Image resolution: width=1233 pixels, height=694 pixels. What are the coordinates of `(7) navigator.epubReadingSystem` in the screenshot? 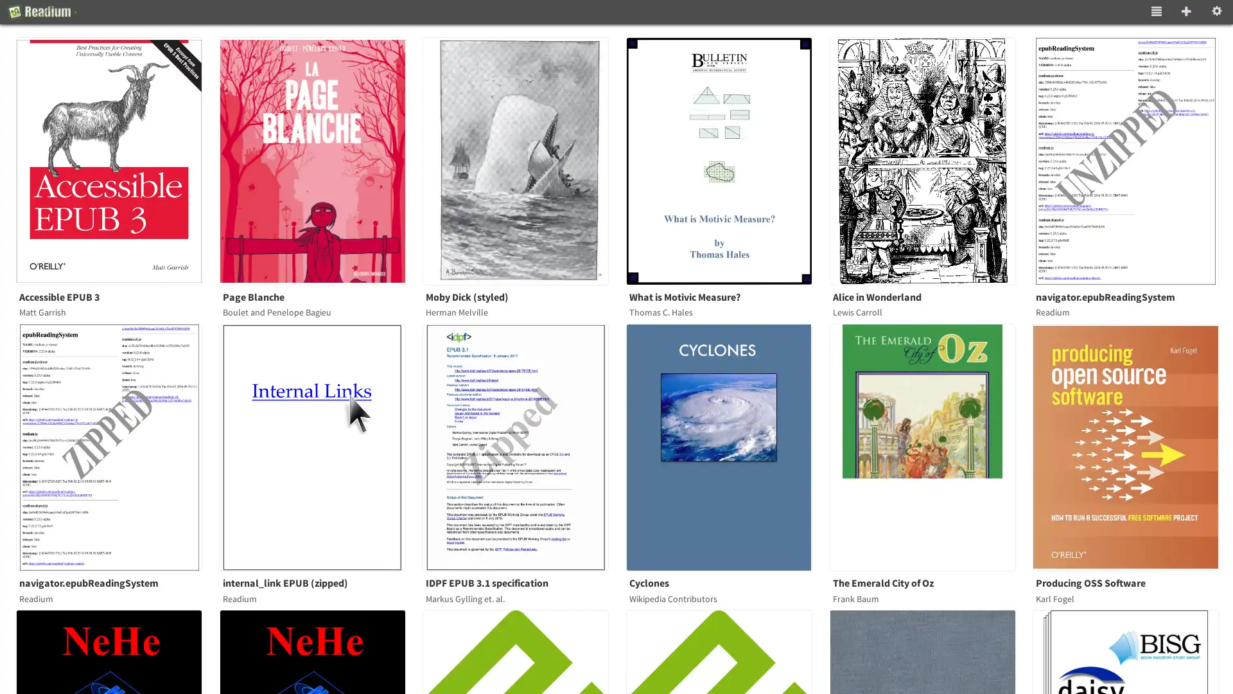 It's located at (117, 446).